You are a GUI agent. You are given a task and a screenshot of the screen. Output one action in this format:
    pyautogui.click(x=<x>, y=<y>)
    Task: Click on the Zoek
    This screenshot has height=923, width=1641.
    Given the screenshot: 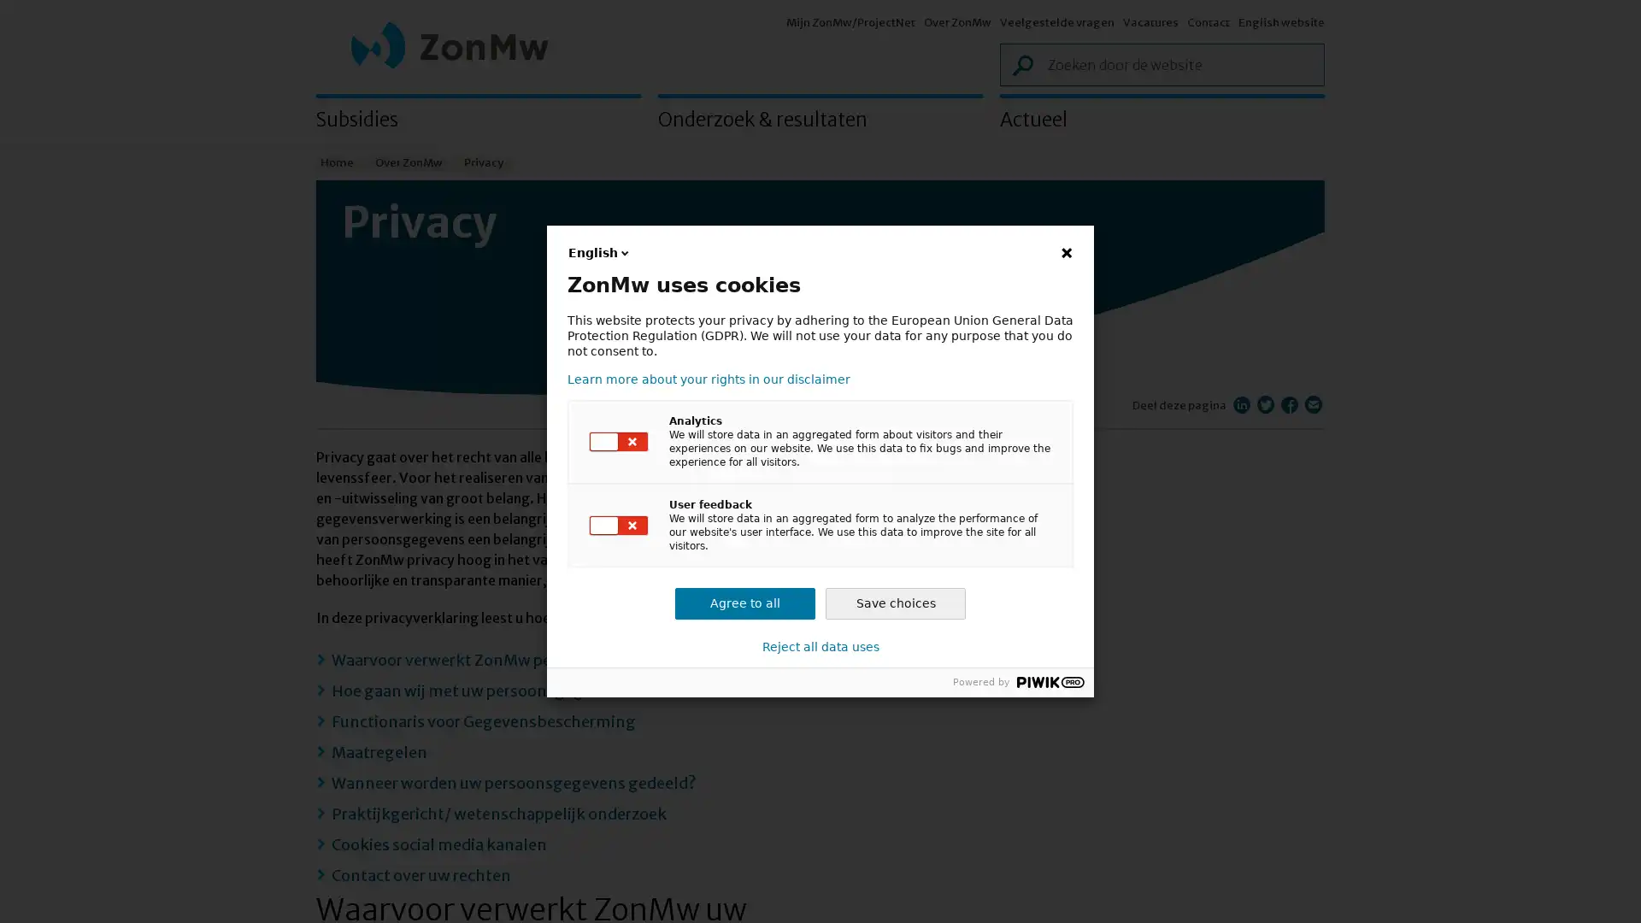 What is the action you would take?
    pyautogui.click(x=1313, y=64)
    